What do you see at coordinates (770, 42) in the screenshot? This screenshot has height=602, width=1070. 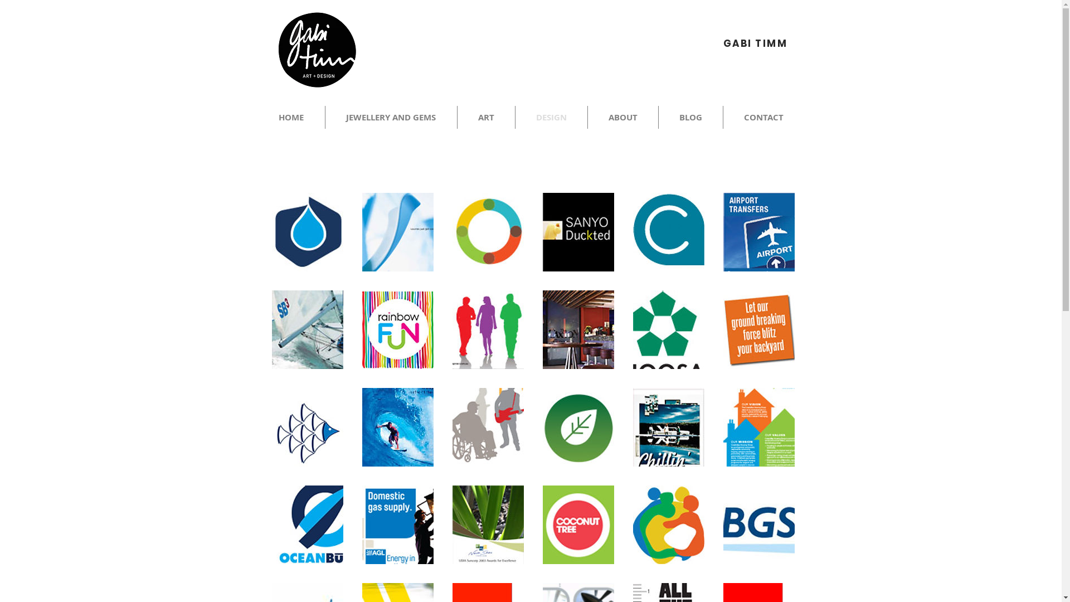 I see `'TIMM'` at bounding box center [770, 42].